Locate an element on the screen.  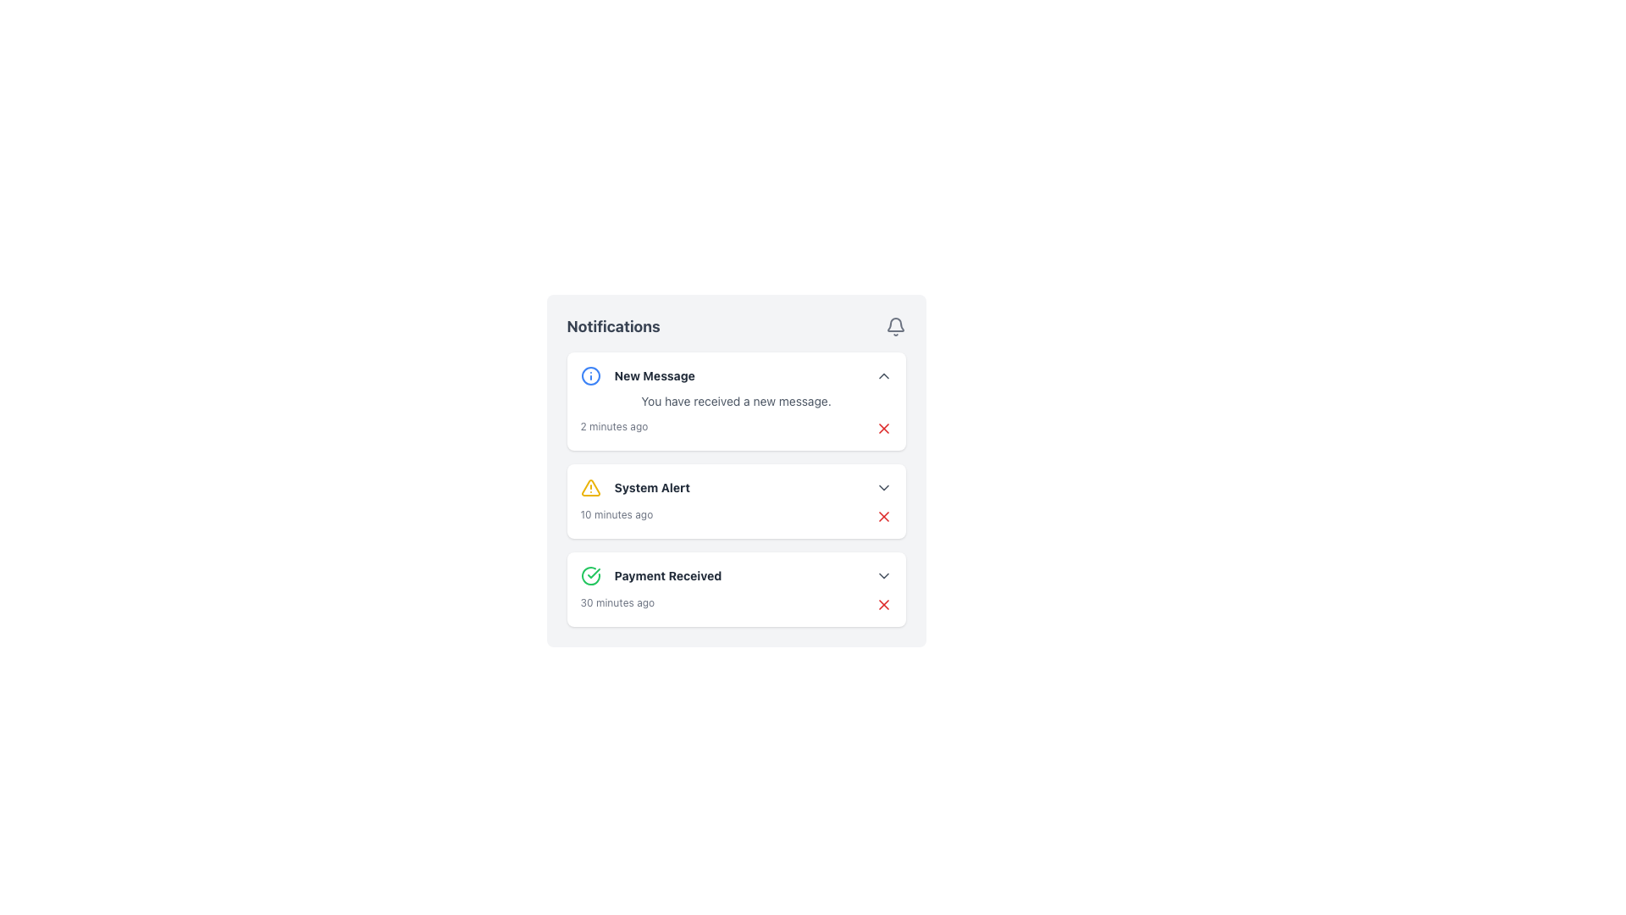
the bell icon located at the top-right corner of the 'Notifications' header, which serves as a visual indicator for notifications is located at coordinates (894, 326).